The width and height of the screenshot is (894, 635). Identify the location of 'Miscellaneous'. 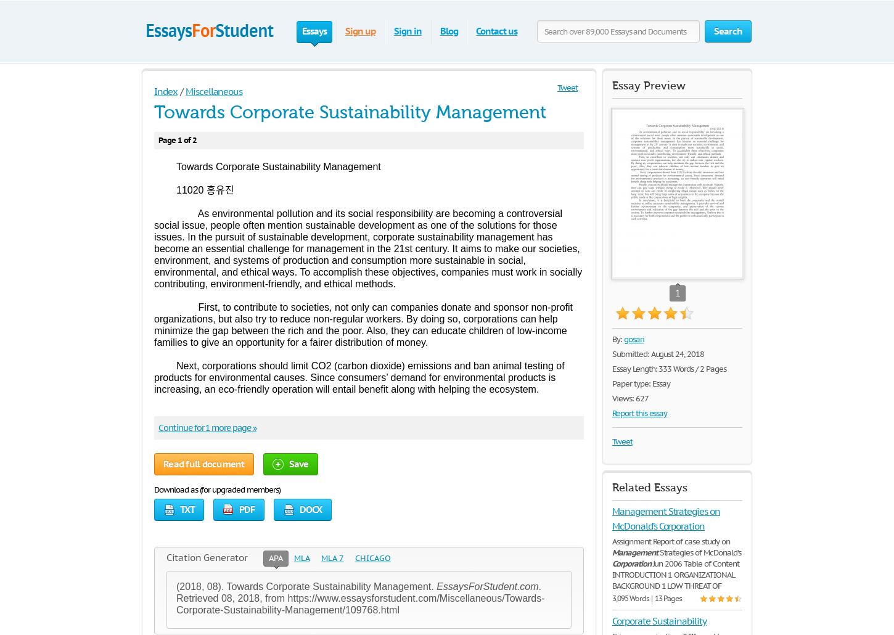
(213, 91).